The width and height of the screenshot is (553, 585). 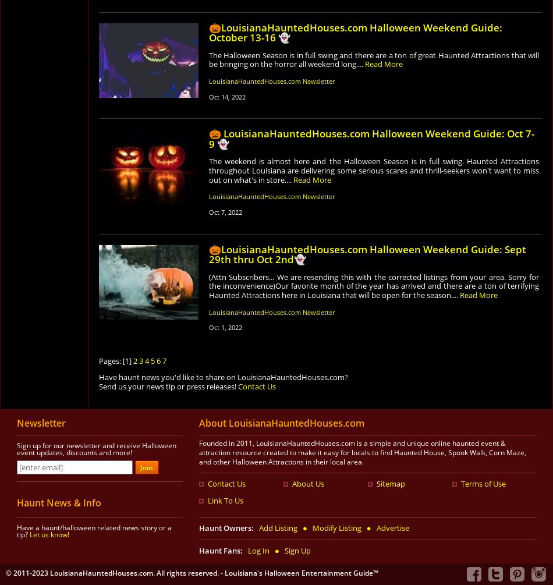 I want to click on 'Send us your news tip or press releases!', so click(x=167, y=386).